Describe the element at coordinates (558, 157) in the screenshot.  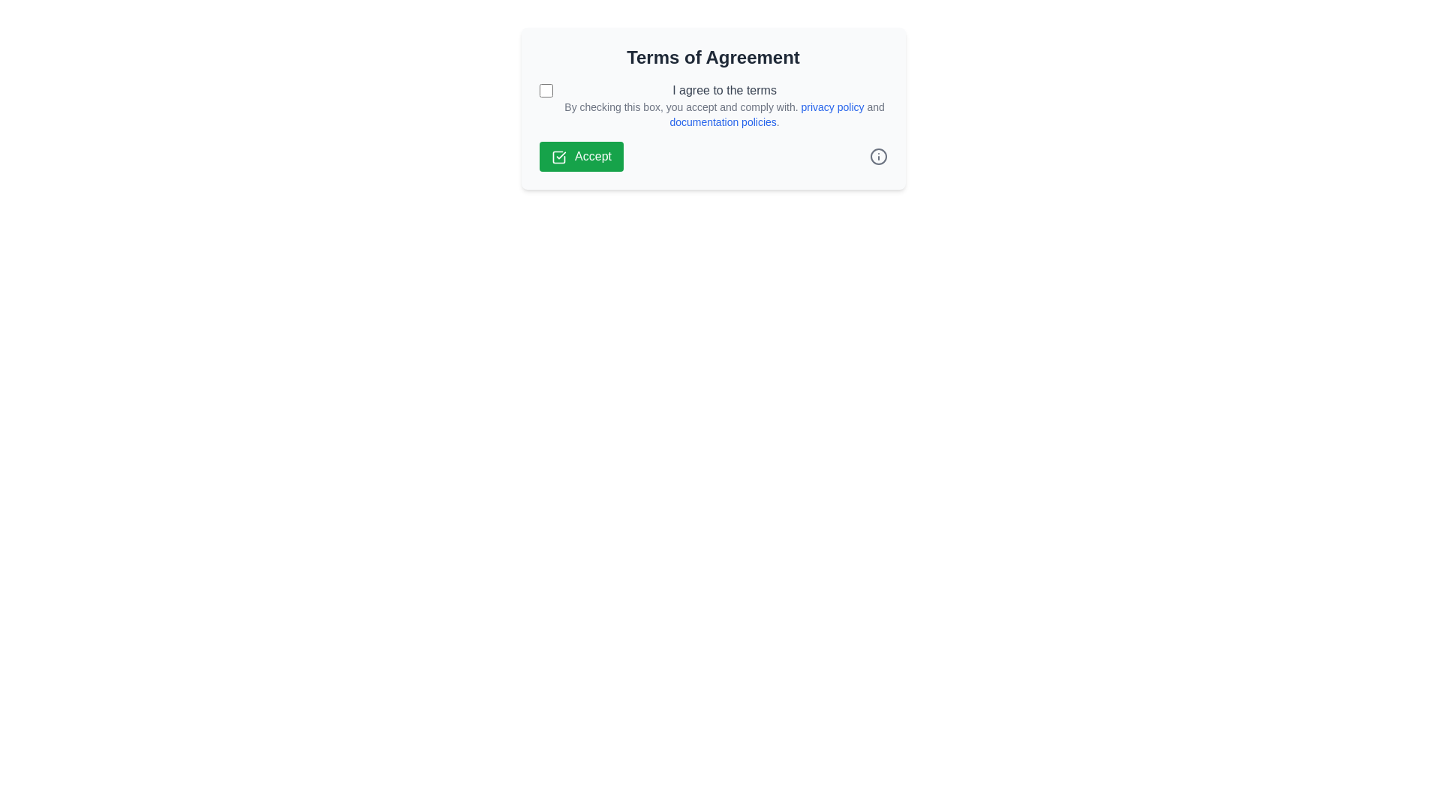
I see `the green check-mark icon inside the square outline located within the 'Accept' button, positioned to the left of the text 'Accept'` at that location.